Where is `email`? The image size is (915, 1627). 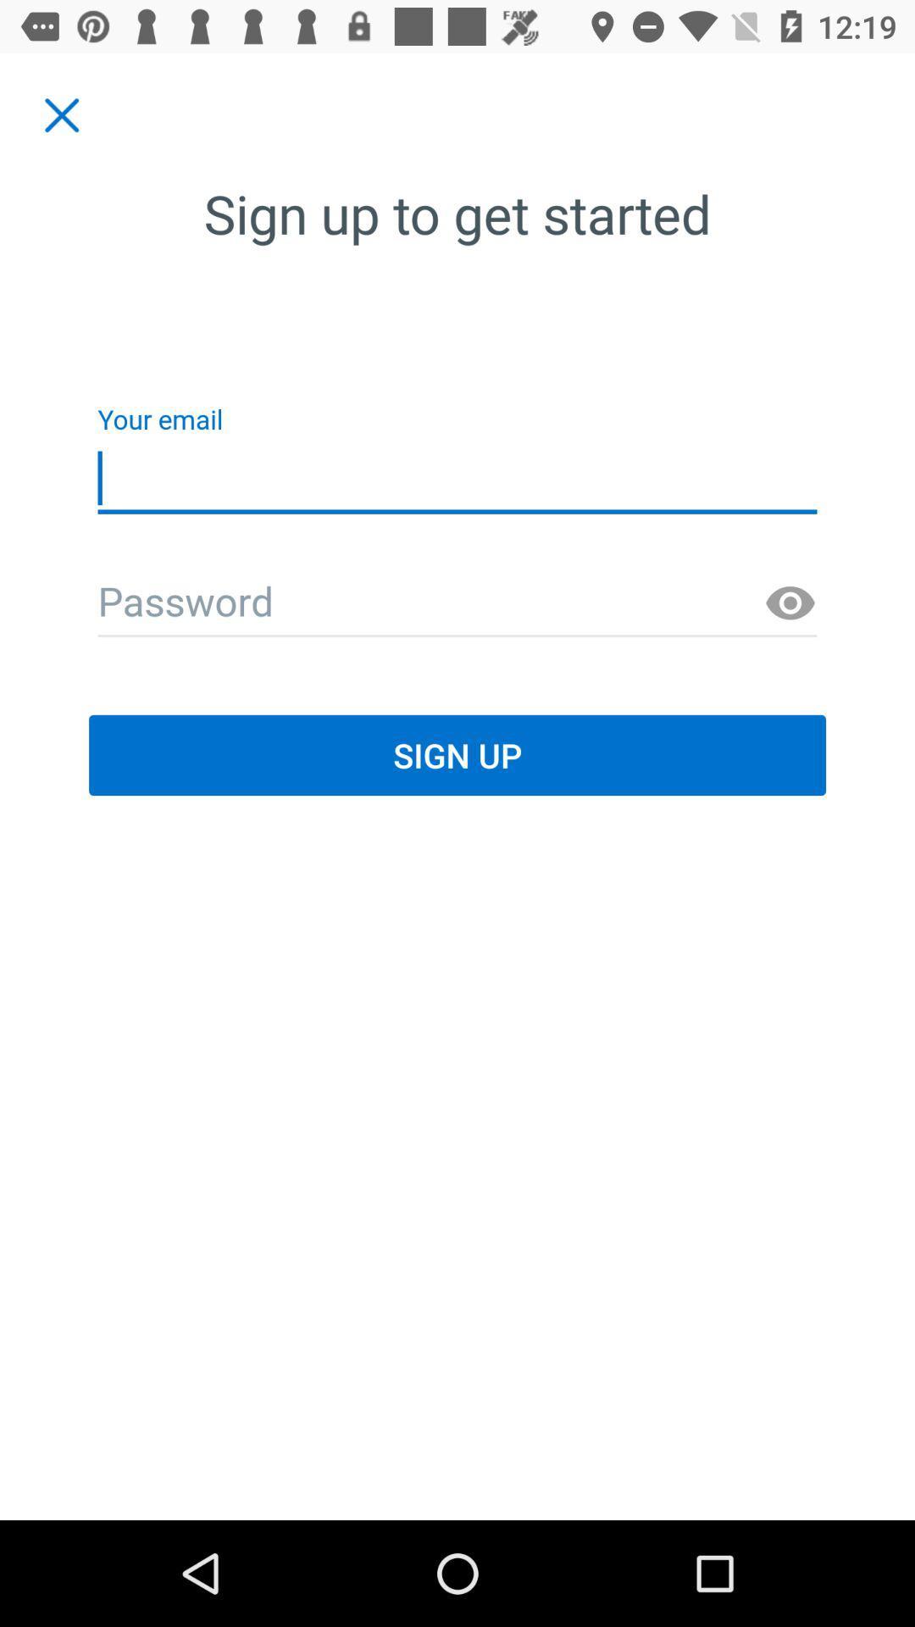
email is located at coordinates (457, 603).